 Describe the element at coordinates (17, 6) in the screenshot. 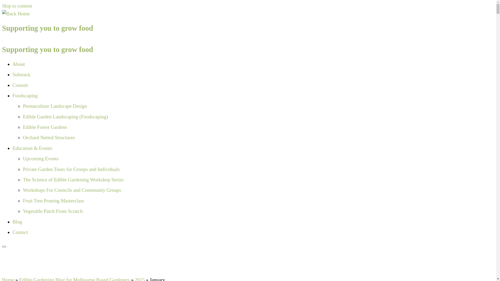

I see `'Skip to content'` at that location.